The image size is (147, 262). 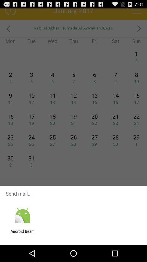 I want to click on the android beam item, so click(x=22, y=233).